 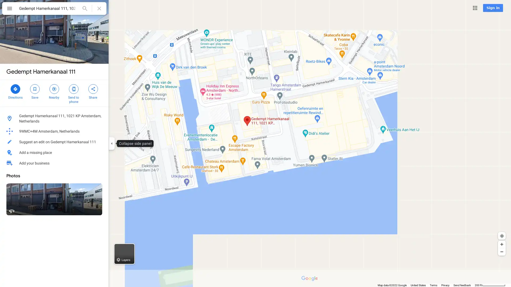 I want to click on Clear search, so click(x=99, y=8).